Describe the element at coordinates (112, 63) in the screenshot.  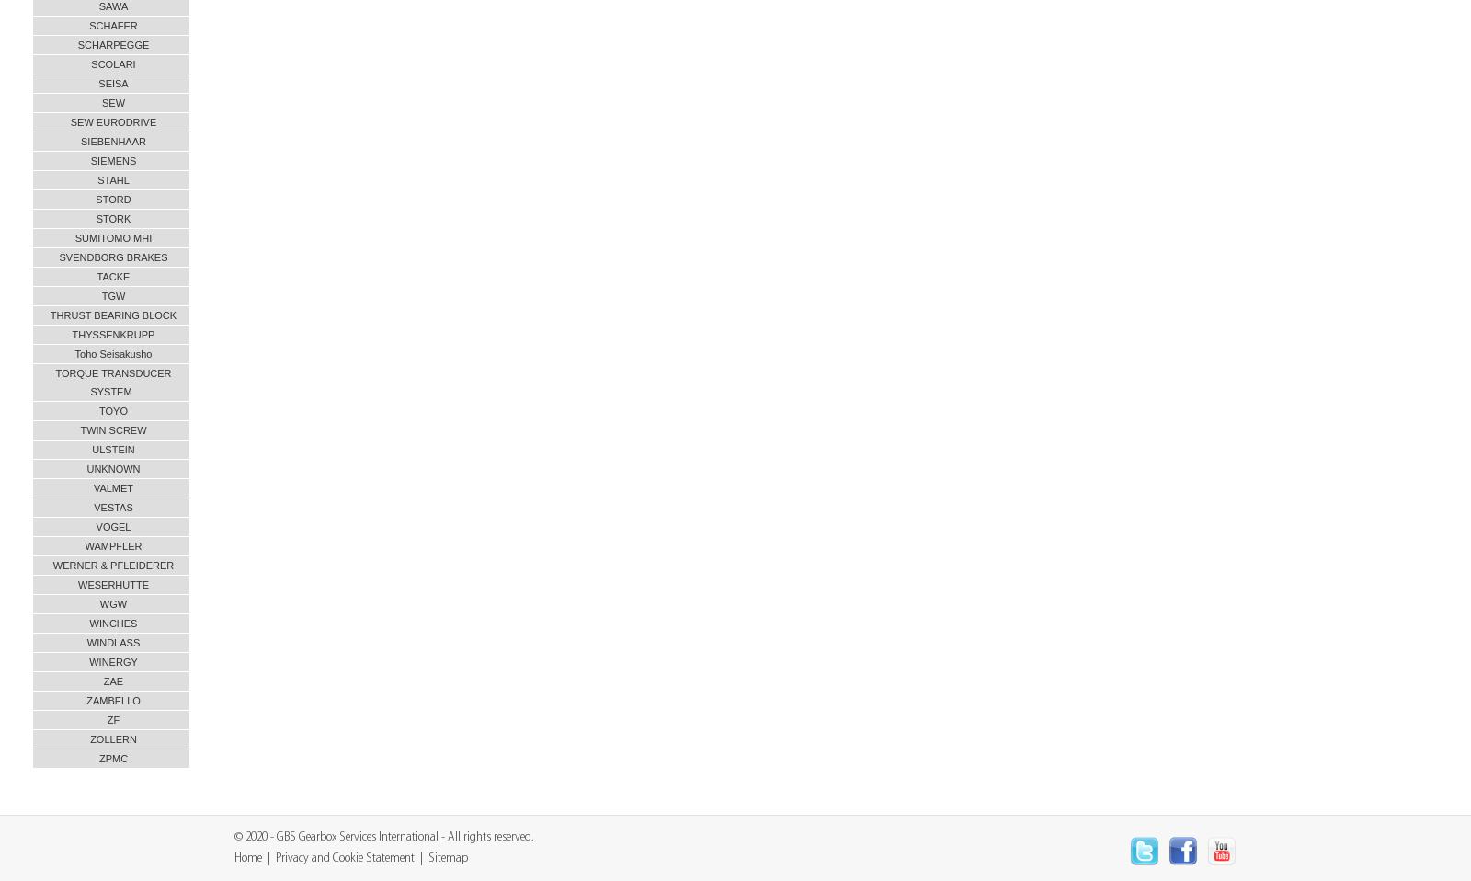
I see `'SCOLARI'` at that location.